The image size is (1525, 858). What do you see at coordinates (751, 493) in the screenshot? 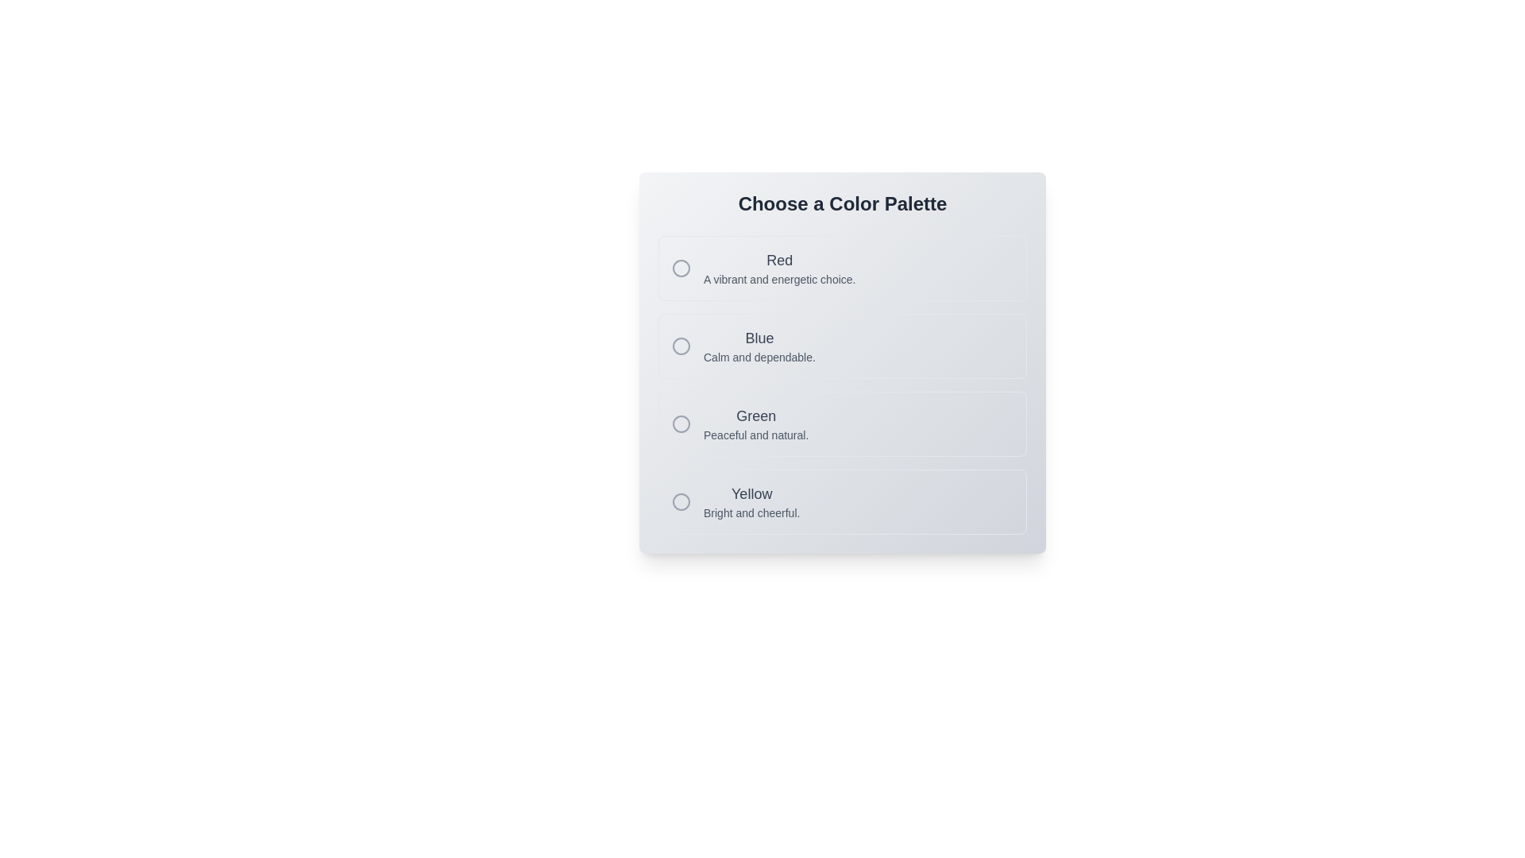
I see `the text label displaying the word 'Yellow' in bold gray font to focus on it` at bounding box center [751, 493].